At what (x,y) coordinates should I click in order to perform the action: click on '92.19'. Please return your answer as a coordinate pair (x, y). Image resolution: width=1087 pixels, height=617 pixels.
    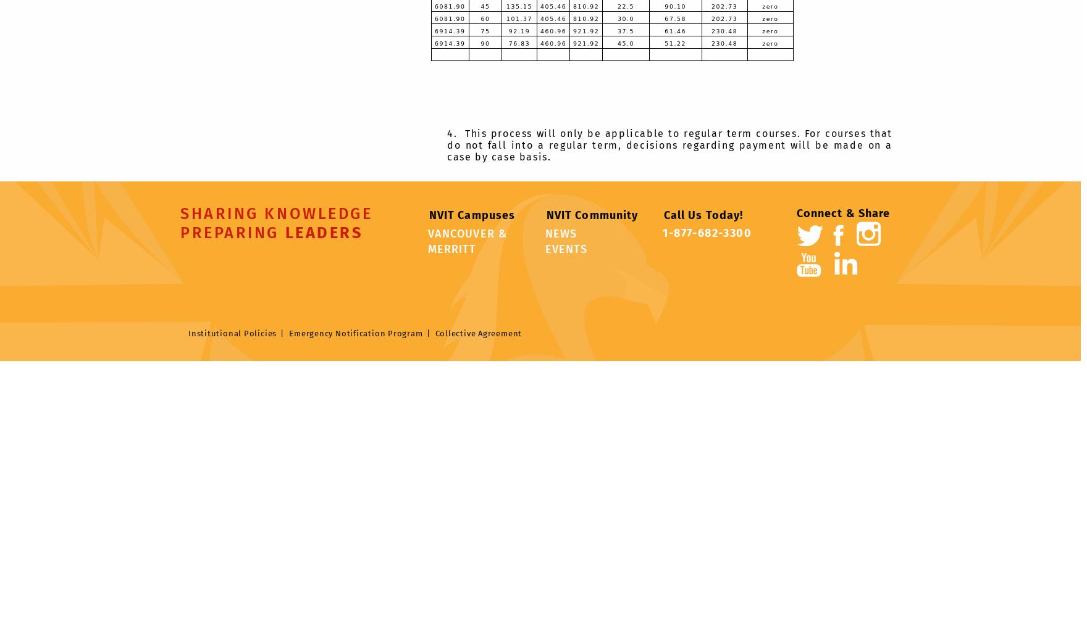
    Looking at the image, I should click on (518, 30).